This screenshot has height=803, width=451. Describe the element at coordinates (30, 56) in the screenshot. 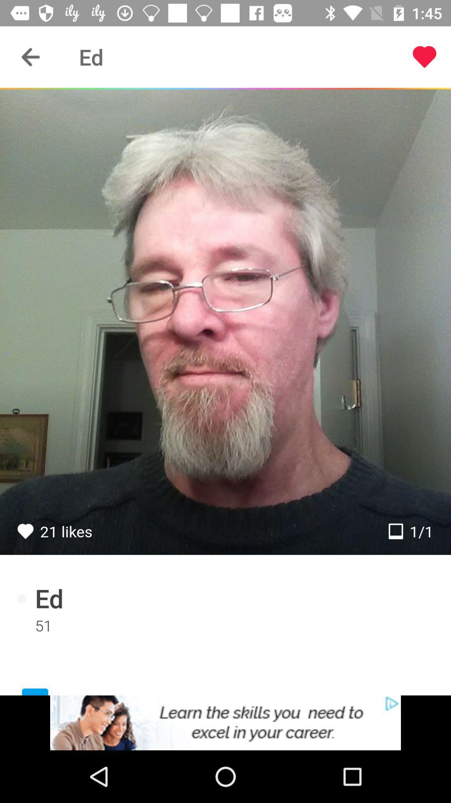

I see `previous` at that location.